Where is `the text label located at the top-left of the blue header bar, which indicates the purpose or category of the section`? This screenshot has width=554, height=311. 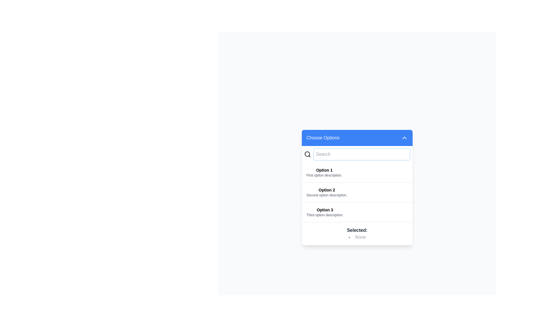
the text label located at the top-left of the blue header bar, which indicates the purpose or category of the section is located at coordinates (323, 138).